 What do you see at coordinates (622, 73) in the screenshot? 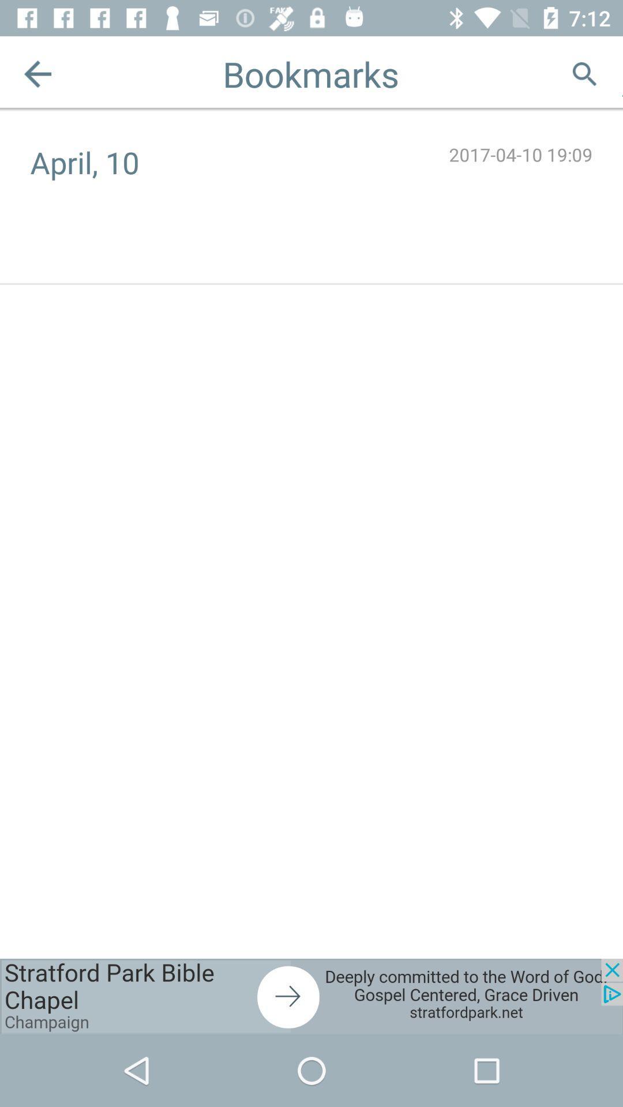
I see `white pega` at bounding box center [622, 73].